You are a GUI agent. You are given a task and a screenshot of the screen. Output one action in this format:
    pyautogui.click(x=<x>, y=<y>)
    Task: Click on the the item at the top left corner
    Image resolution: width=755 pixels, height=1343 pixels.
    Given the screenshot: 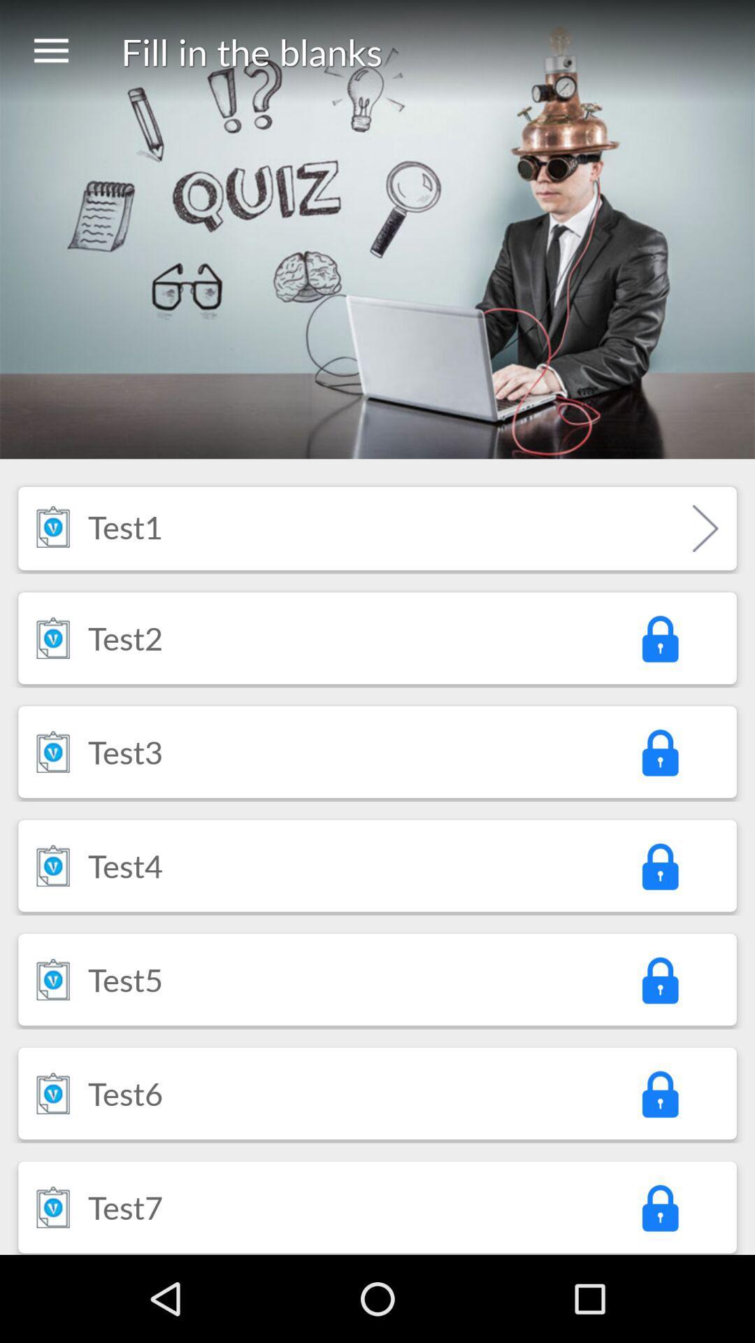 What is the action you would take?
    pyautogui.click(x=50, y=51)
    